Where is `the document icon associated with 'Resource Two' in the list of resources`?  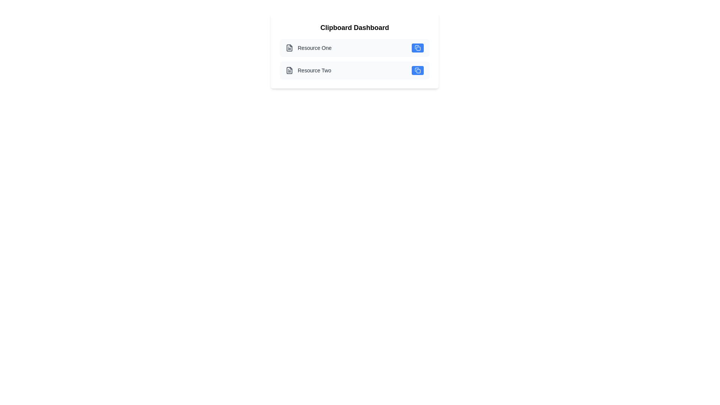
the document icon associated with 'Resource Two' in the list of resources is located at coordinates (289, 70).